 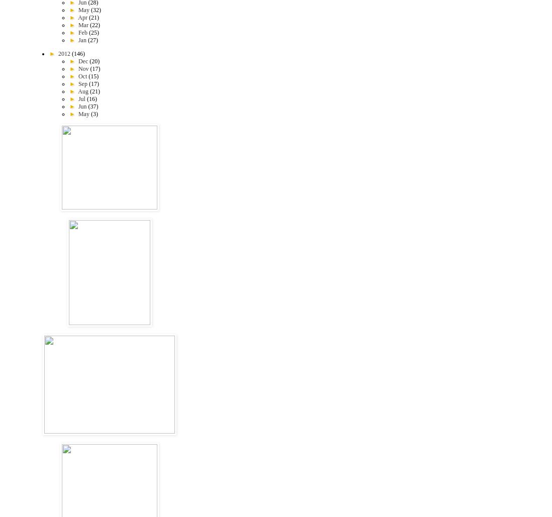 What do you see at coordinates (93, 113) in the screenshot?
I see `'(3)'` at bounding box center [93, 113].